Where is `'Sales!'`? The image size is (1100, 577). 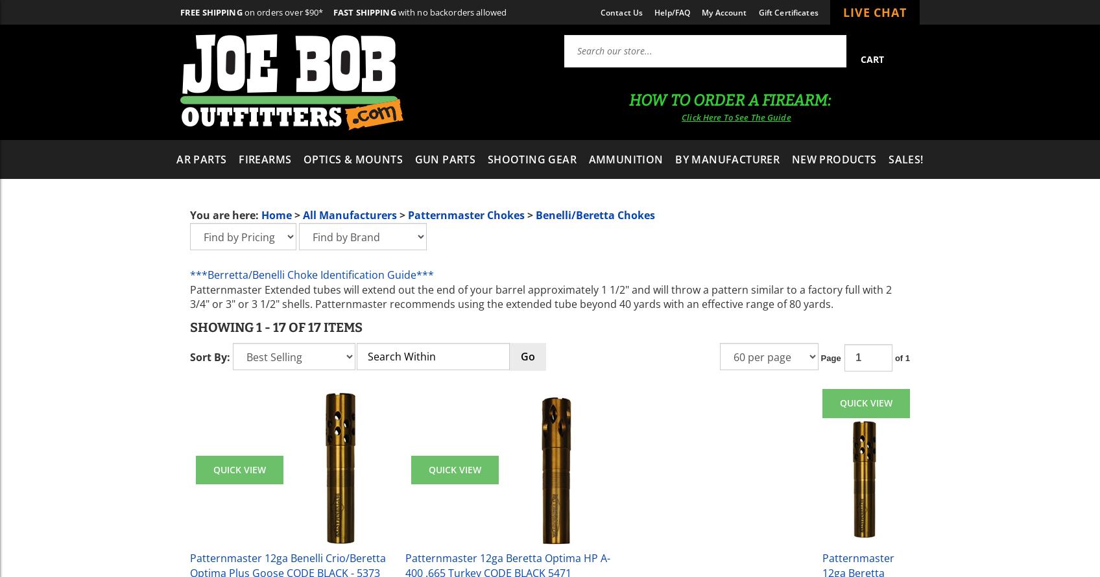 'Sales!' is located at coordinates (905, 158).